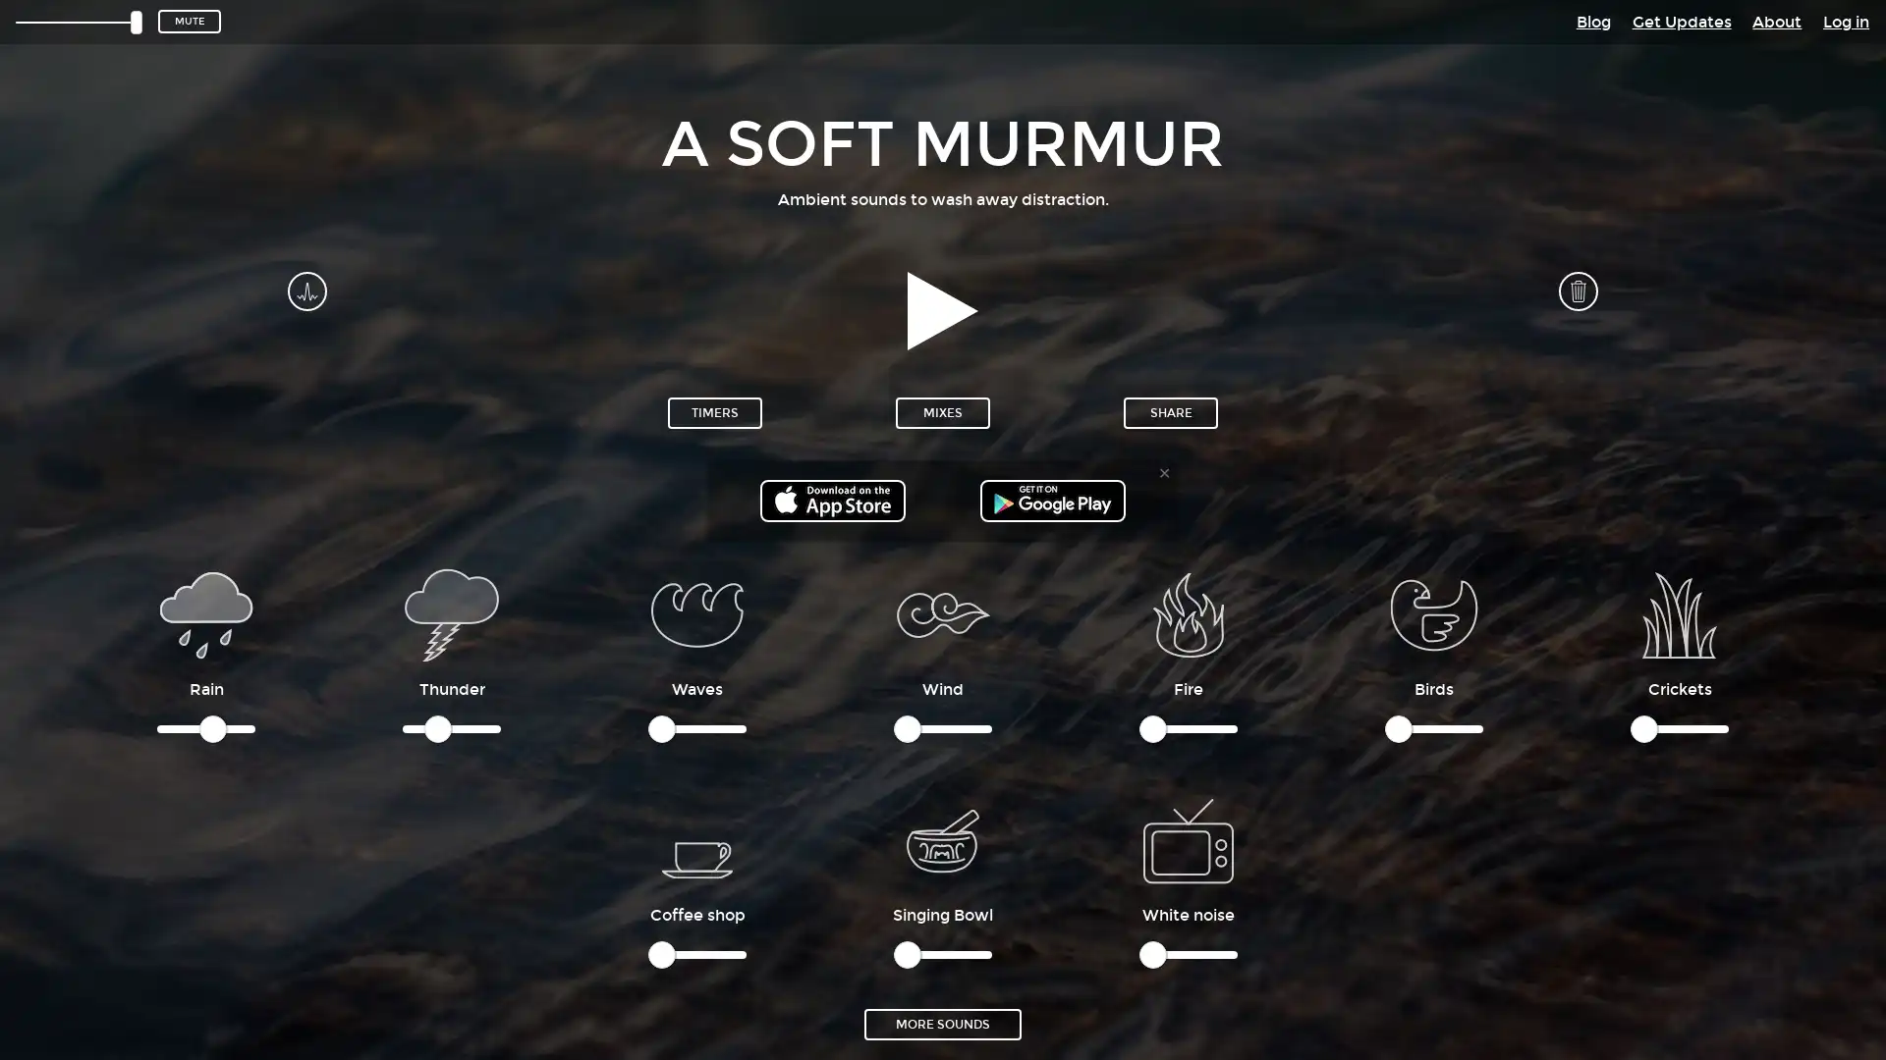  What do you see at coordinates (206, 612) in the screenshot?
I see `Loading icon` at bounding box center [206, 612].